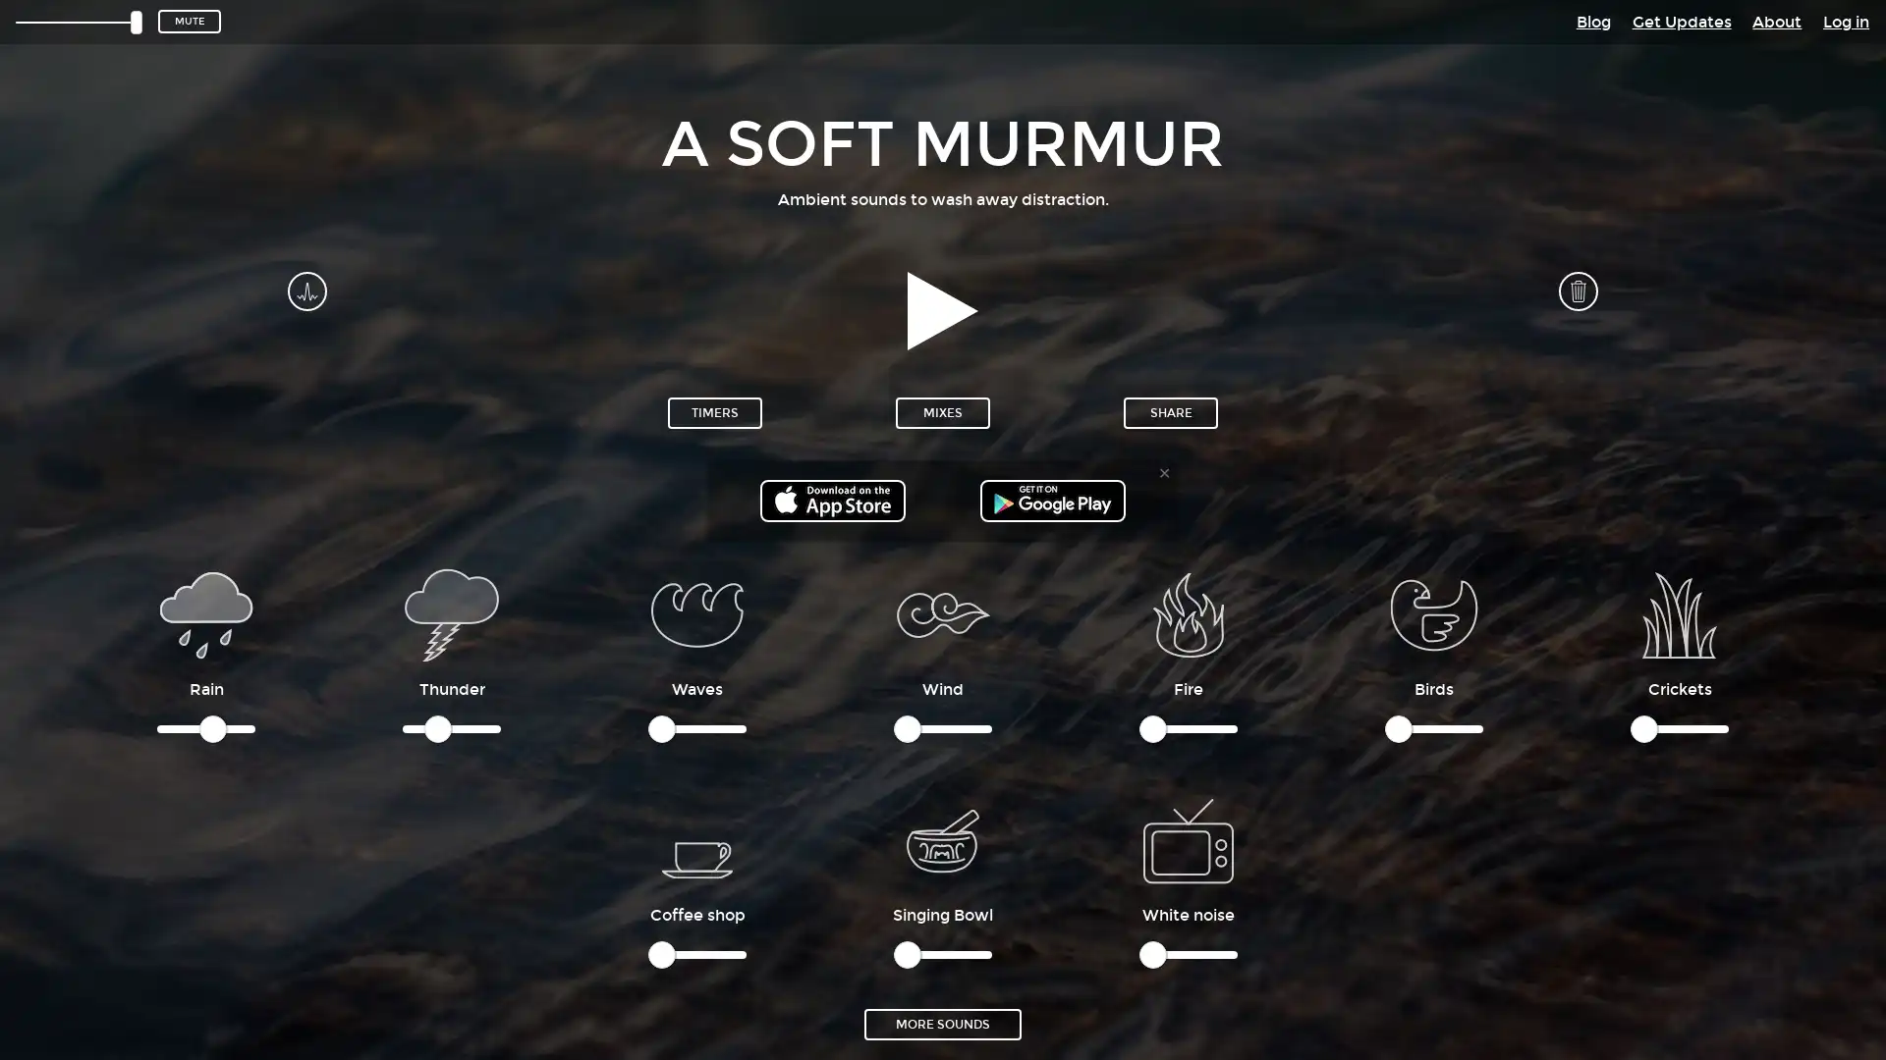  What do you see at coordinates (206, 612) in the screenshot?
I see `Loading icon` at bounding box center [206, 612].